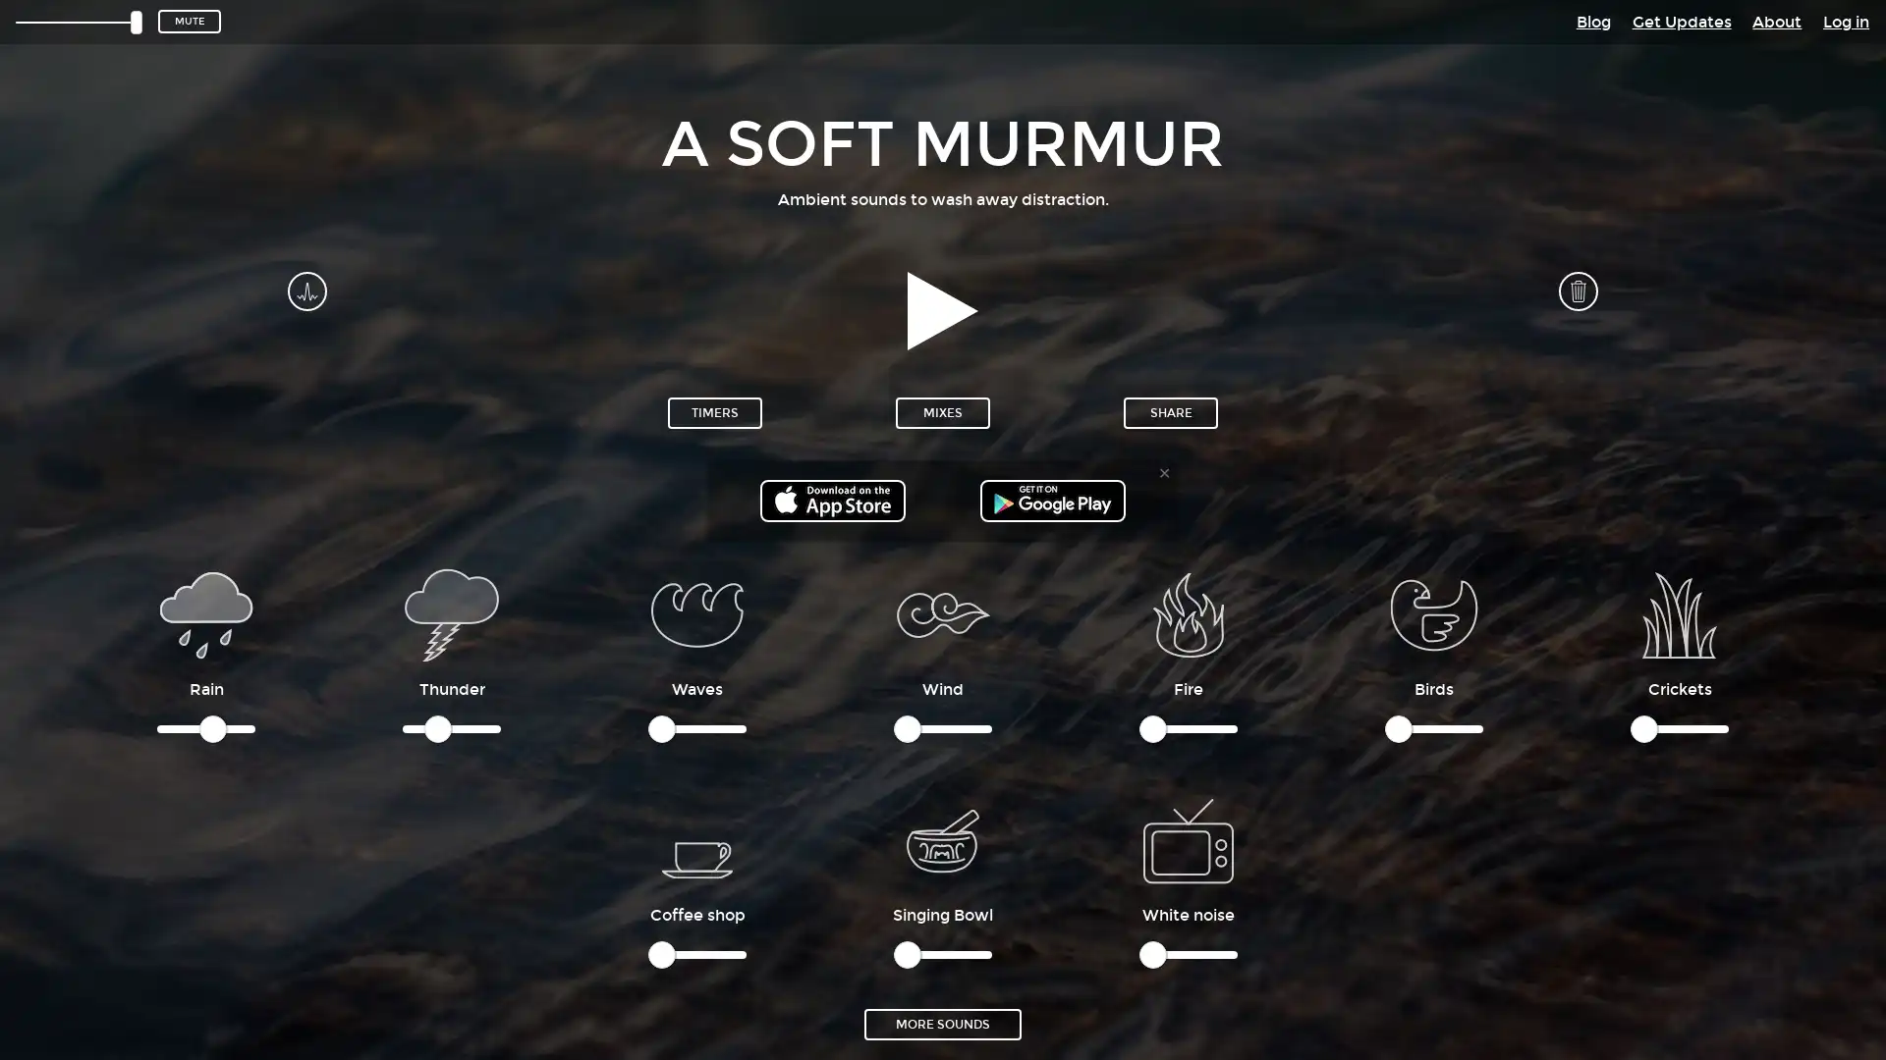  What do you see at coordinates (206, 612) in the screenshot?
I see `Loading icon` at bounding box center [206, 612].